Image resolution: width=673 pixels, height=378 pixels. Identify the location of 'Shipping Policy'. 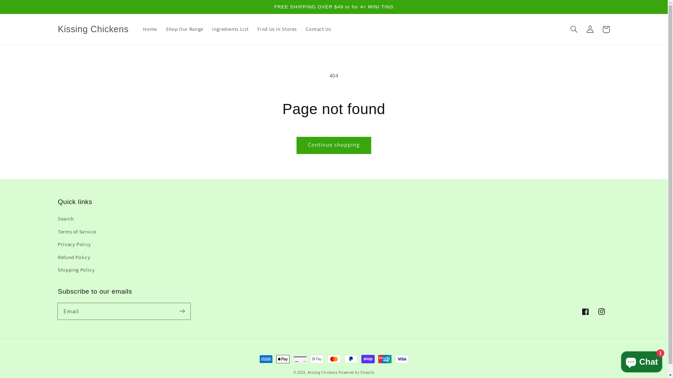
(76, 269).